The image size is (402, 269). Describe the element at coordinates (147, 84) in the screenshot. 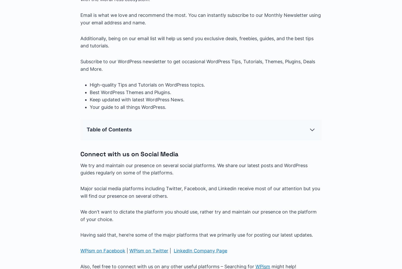

I see `'High-quality Tips and Tutorials on WordPress topics.'` at that location.